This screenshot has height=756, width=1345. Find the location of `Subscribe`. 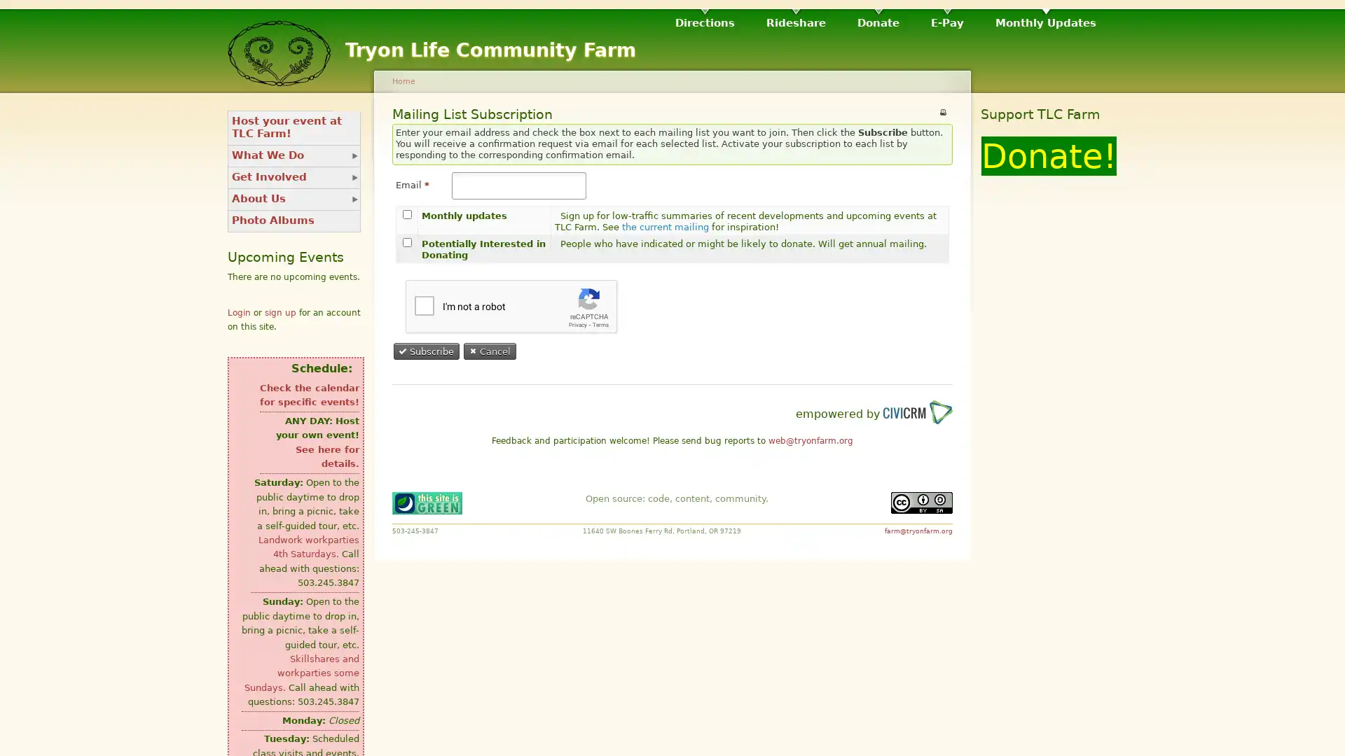

Subscribe is located at coordinates (426, 350).